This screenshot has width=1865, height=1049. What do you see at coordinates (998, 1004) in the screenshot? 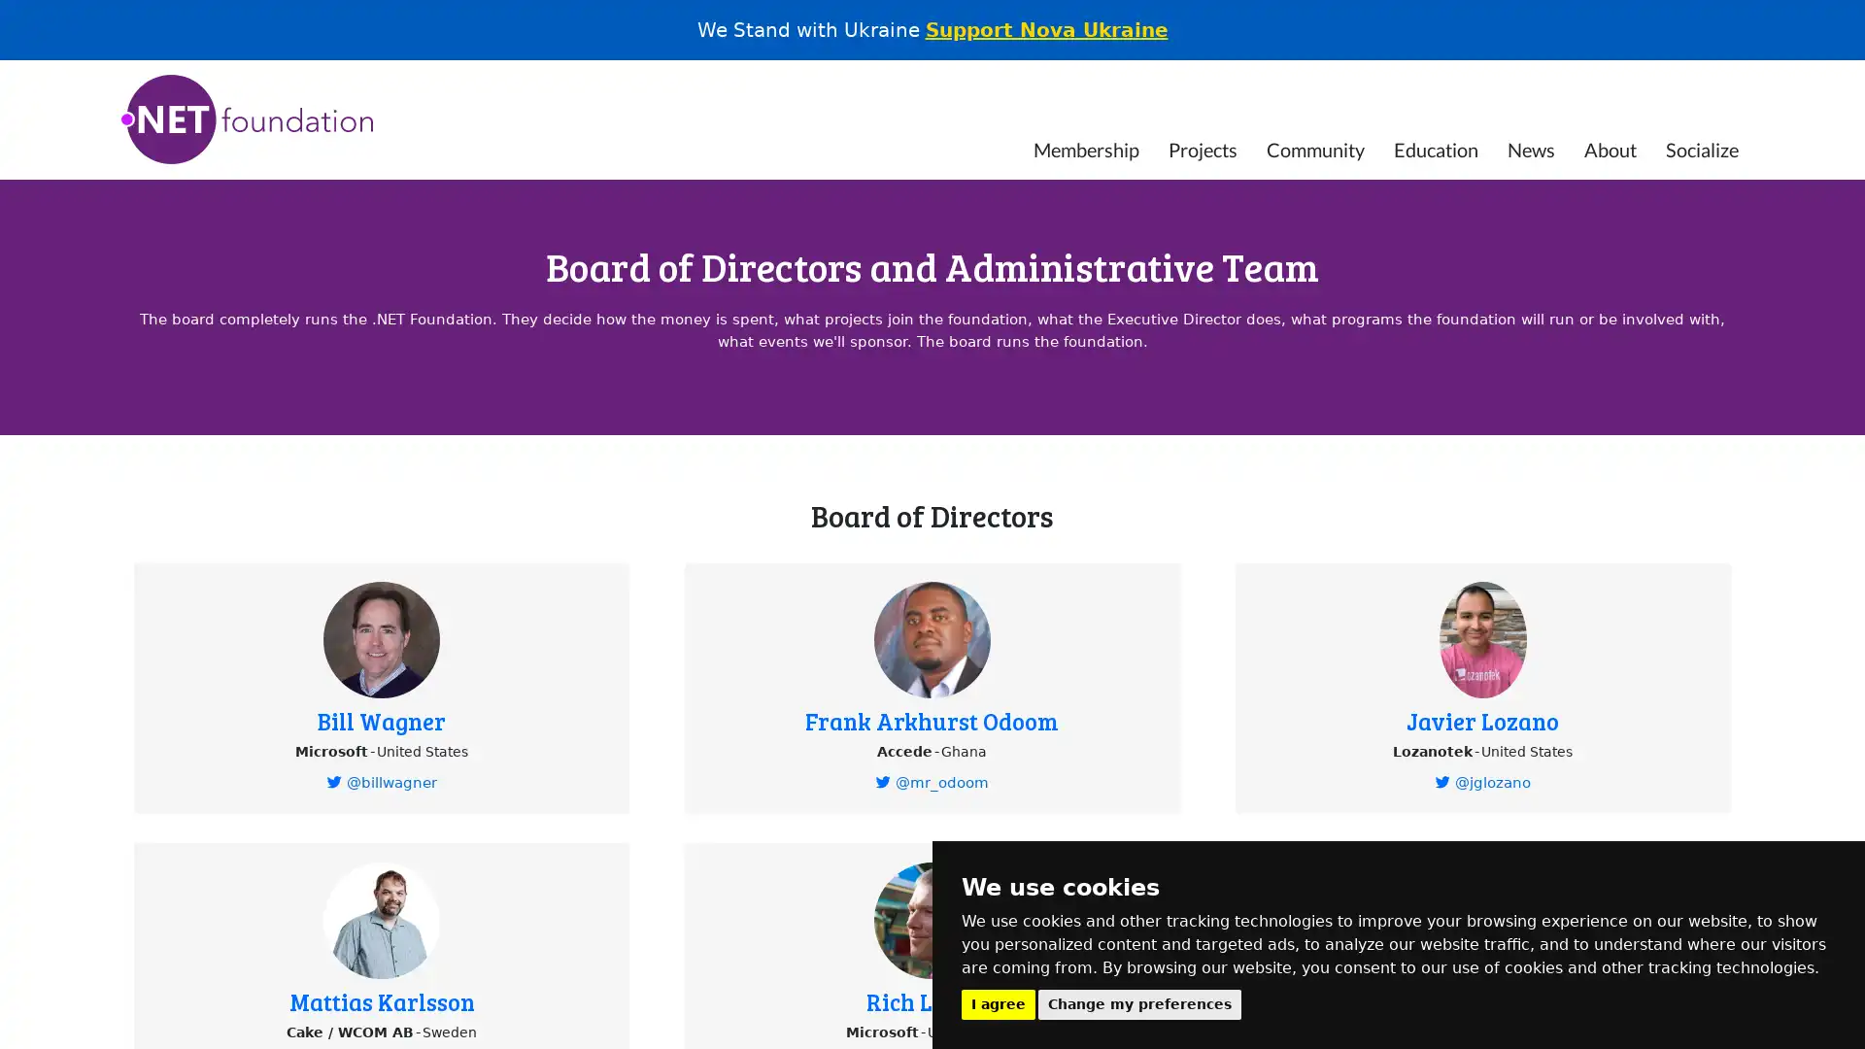
I see `I agree` at bounding box center [998, 1004].